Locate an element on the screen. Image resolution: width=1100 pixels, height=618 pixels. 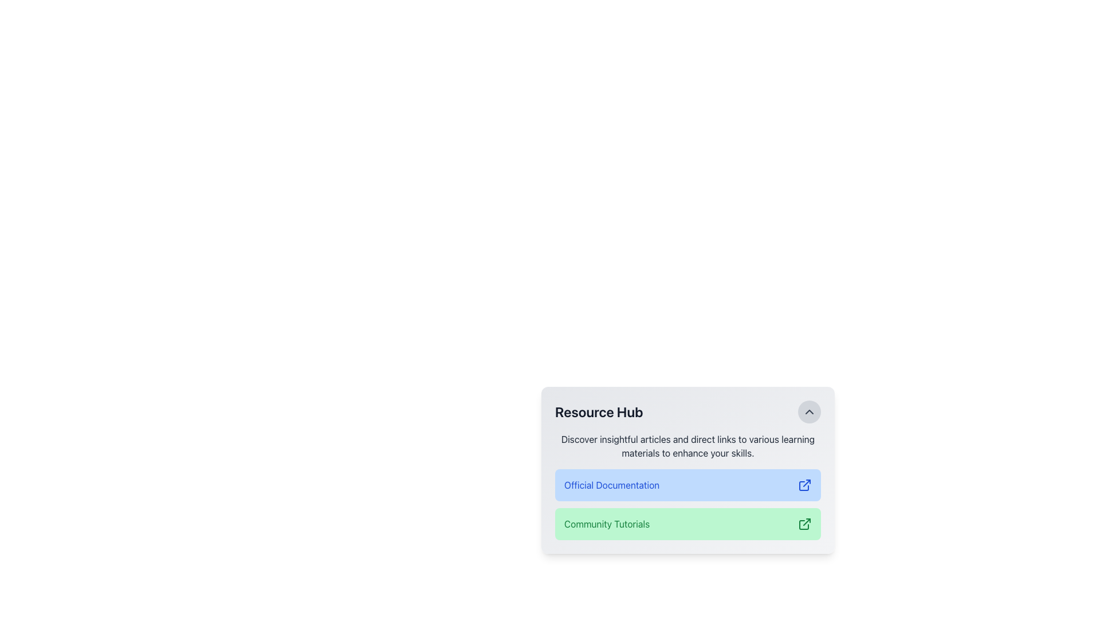
the Text Block located at the top of the 'Resource Hub' section, which provides context for the resources below it is located at coordinates (687, 445).